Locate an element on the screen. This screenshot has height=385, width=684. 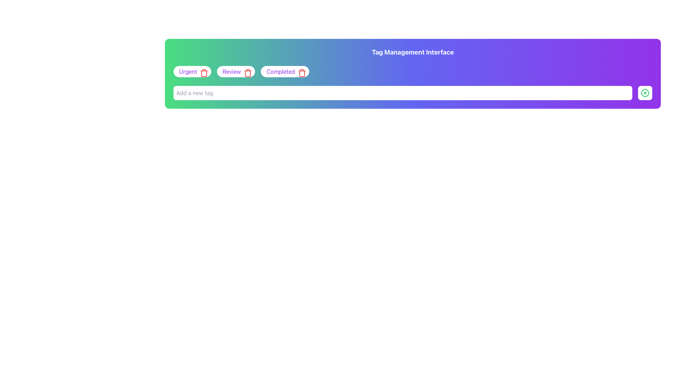
the delete icon button located in the third position of the button group, which is used is located at coordinates (301, 71).